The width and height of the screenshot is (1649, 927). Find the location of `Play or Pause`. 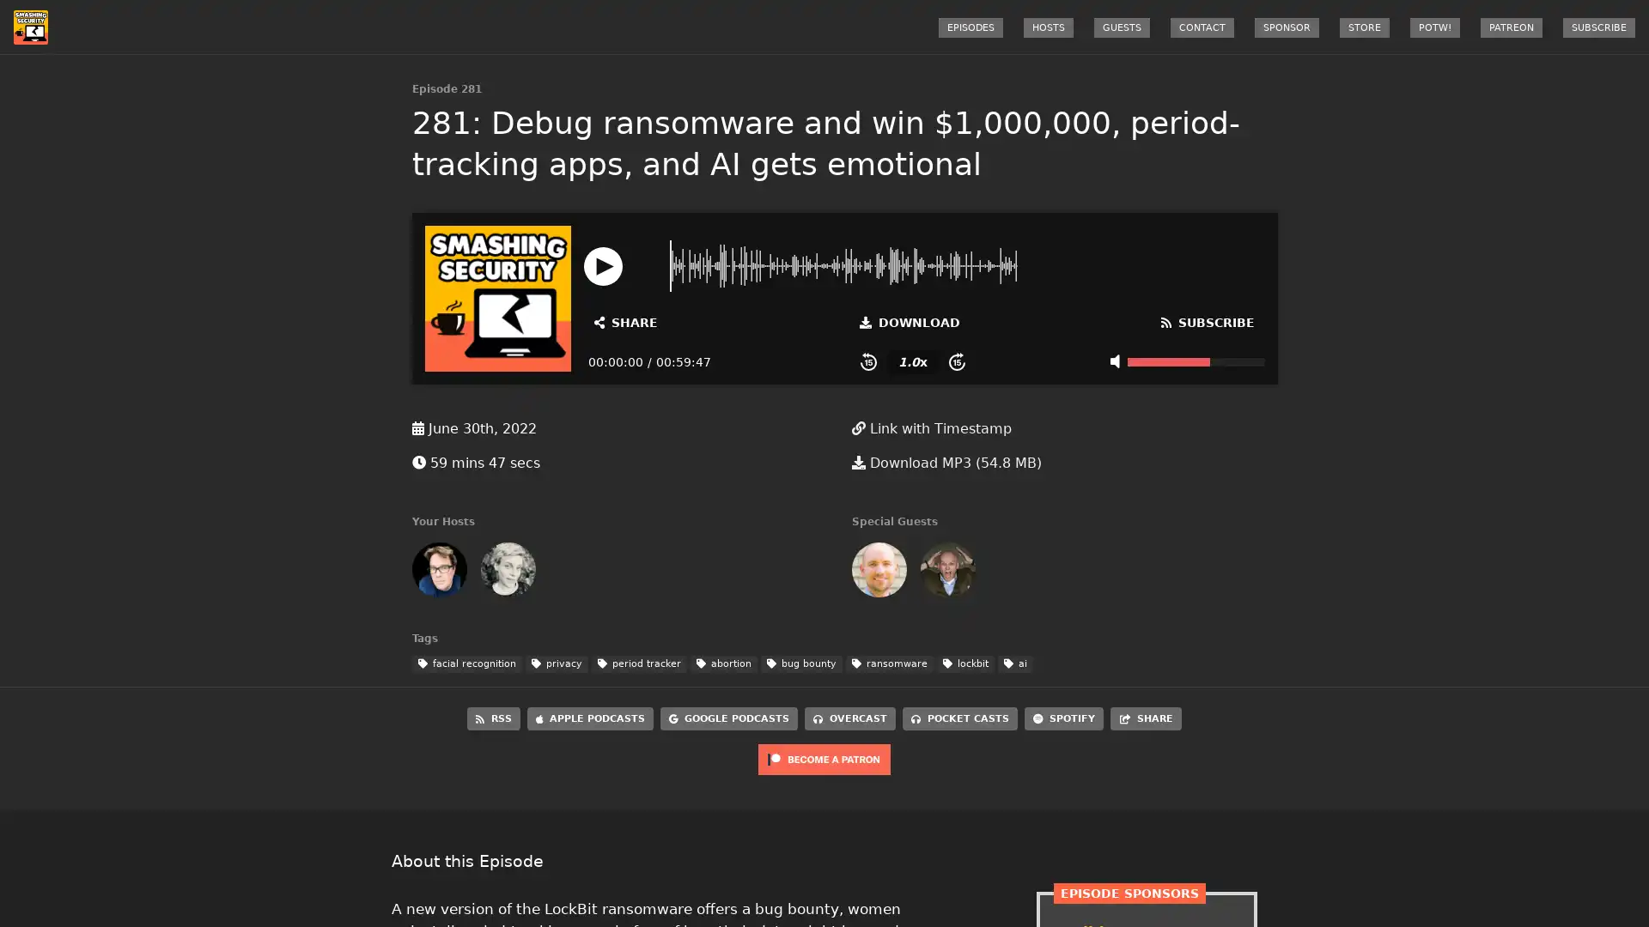

Play or Pause is located at coordinates (603, 265).